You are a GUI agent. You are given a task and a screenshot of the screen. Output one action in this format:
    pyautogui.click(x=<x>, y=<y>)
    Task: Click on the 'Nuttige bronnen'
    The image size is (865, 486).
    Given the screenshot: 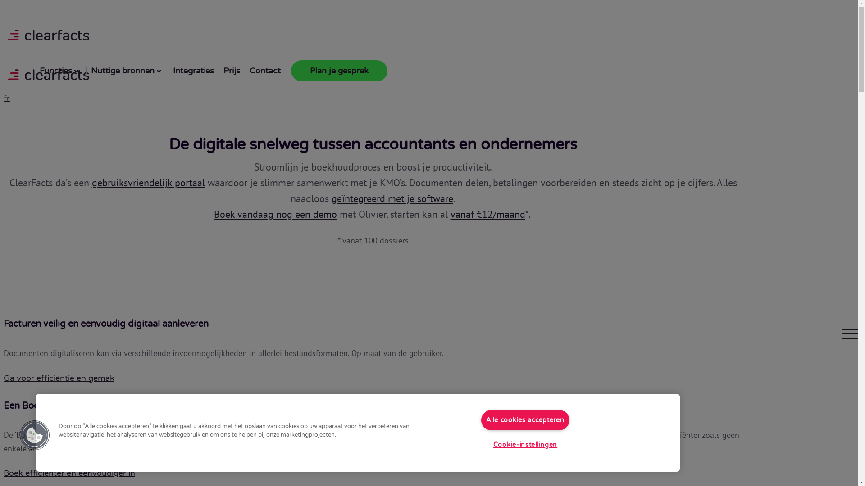 What is the action you would take?
    pyautogui.click(x=127, y=70)
    